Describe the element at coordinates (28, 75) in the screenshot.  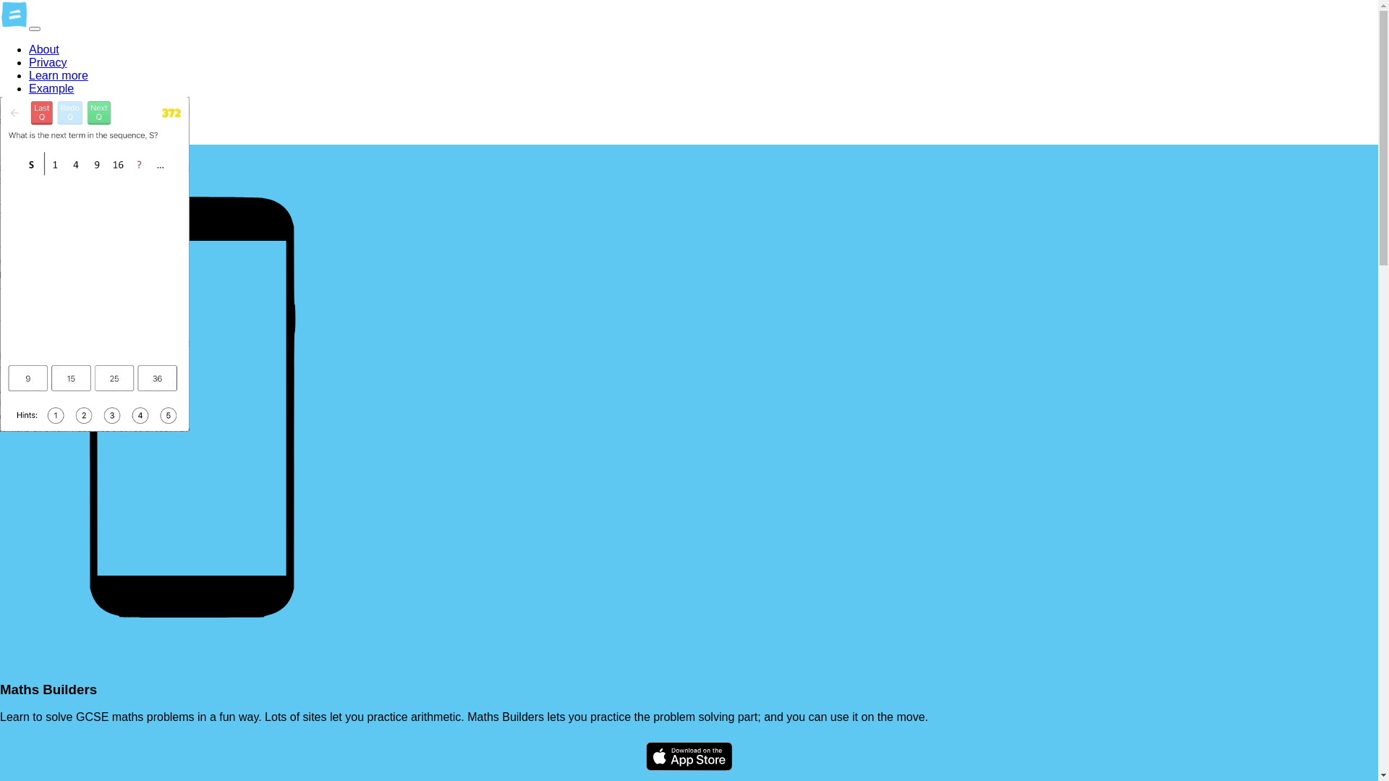
I see `'Learn more'` at that location.